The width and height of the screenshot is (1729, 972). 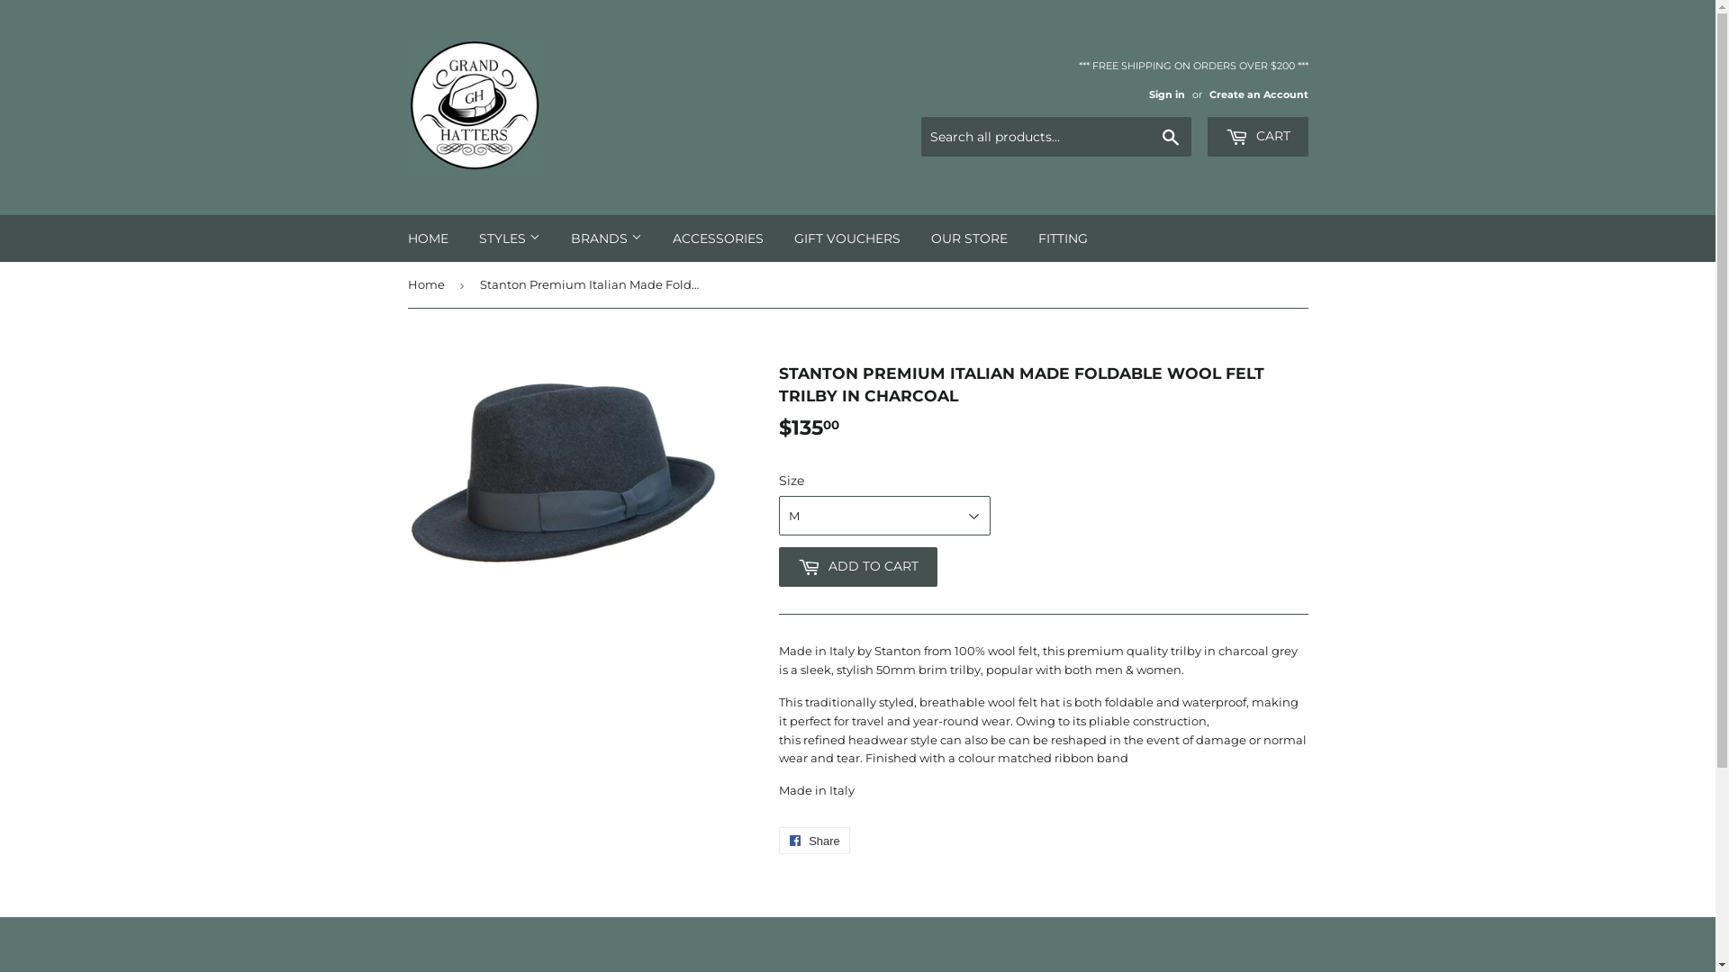 What do you see at coordinates (717, 238) in the screenshot?
I see `'ACCESSORIES'` at bounding box center [717, 238].